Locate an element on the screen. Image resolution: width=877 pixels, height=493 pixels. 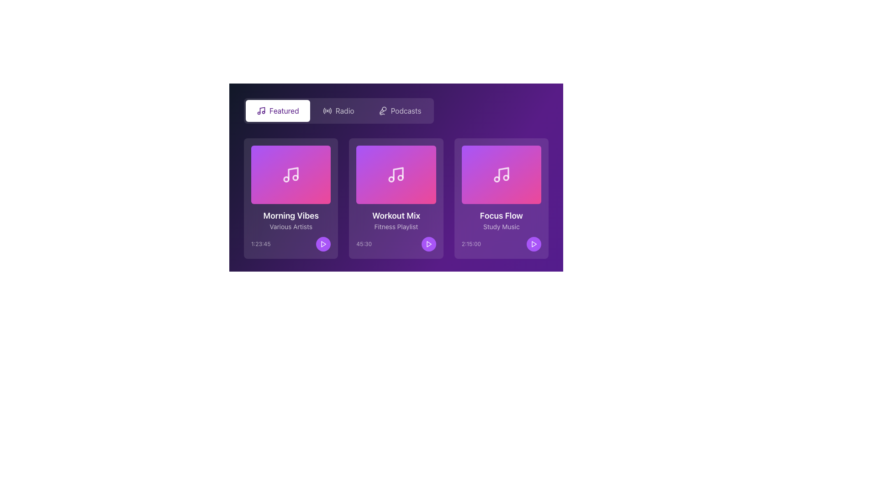
the circular purple button with a white play icon located at the bottom-right corner of the 'Focus Flow' playlist card is located at coordinates (534, 244).